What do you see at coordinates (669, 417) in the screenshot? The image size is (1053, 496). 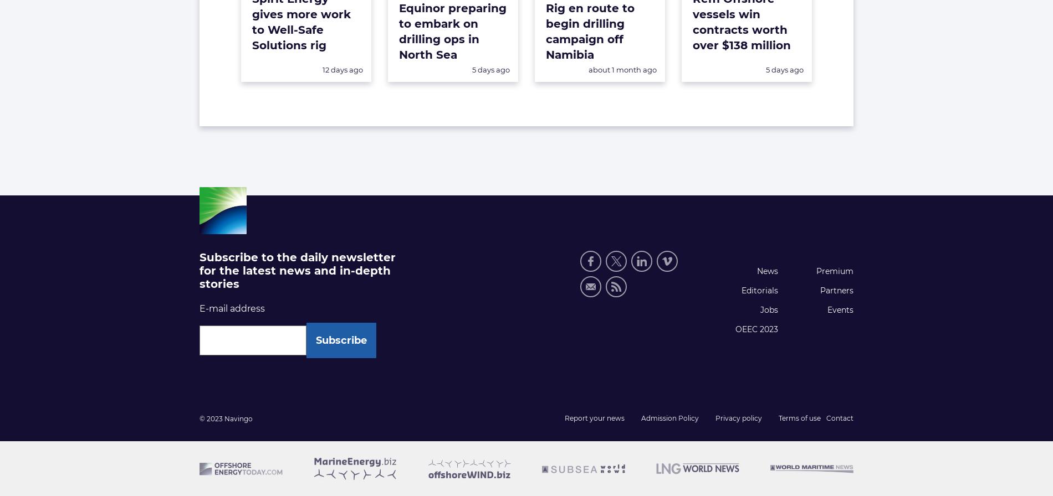 I see `'Admission Policy'` at bounding box center [669, 417].